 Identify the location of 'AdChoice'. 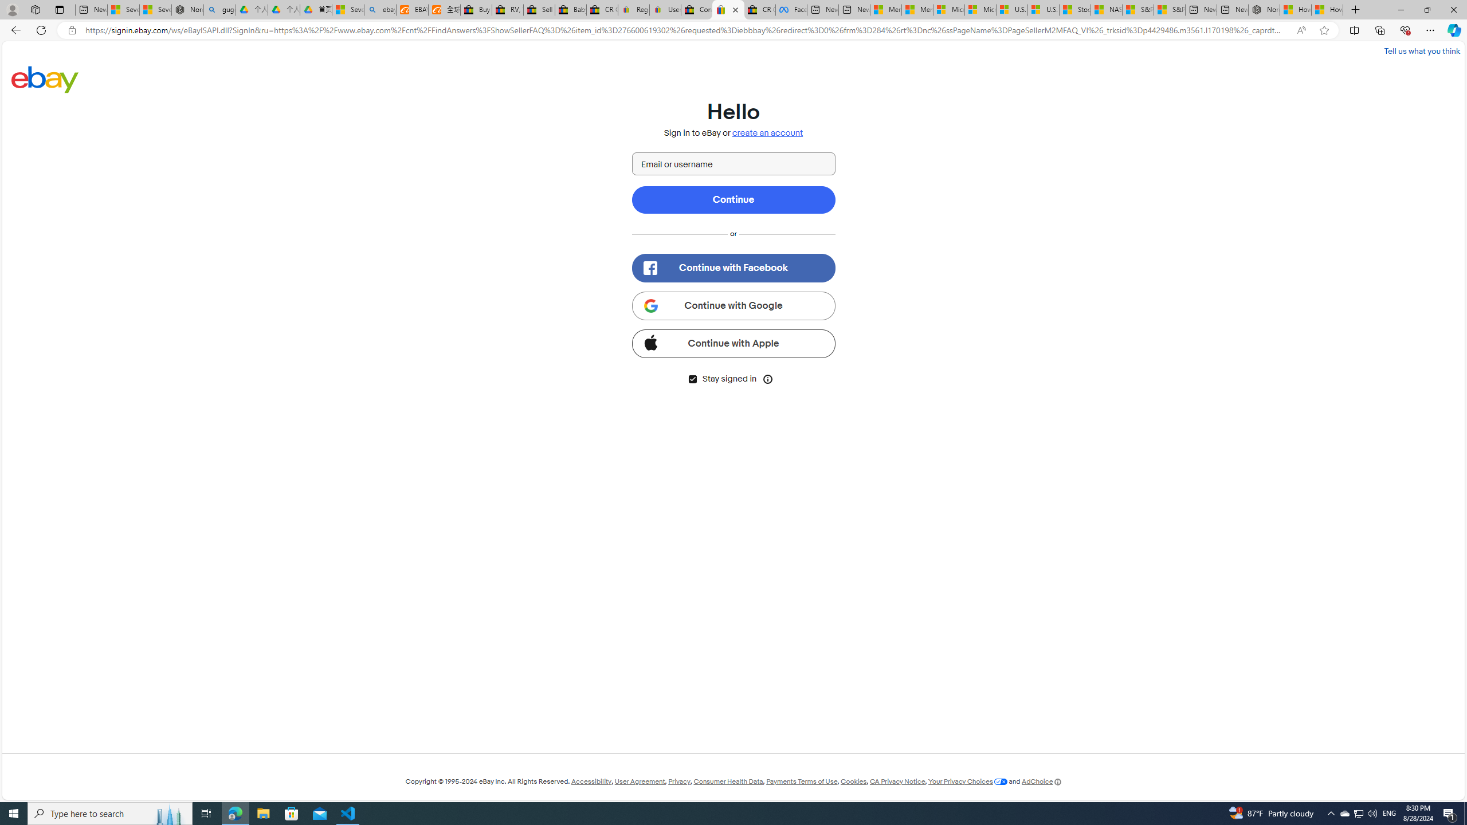
(1041, 781).